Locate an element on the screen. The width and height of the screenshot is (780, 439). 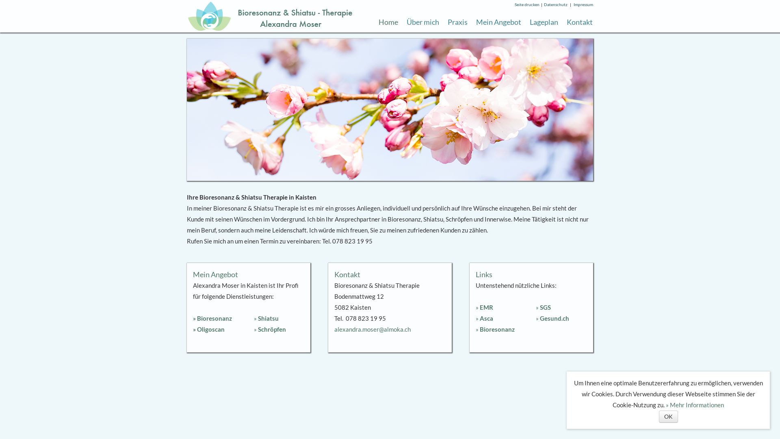
'Mein Angebot' is located at coordinates (498, 22).